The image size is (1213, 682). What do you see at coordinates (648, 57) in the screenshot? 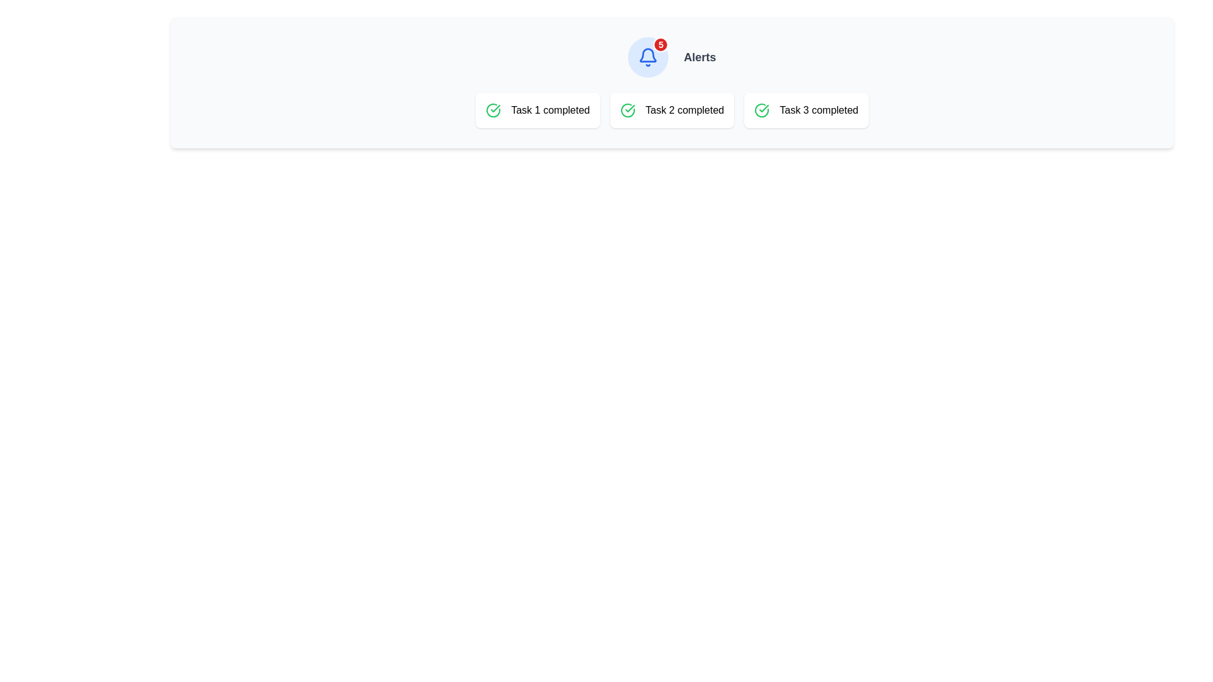
I see `the Interactive Button with Icon and Badge located to the left of the 'Alerts' text to potentially highlight it or show a tooltip` at bounding box center [648, 57].